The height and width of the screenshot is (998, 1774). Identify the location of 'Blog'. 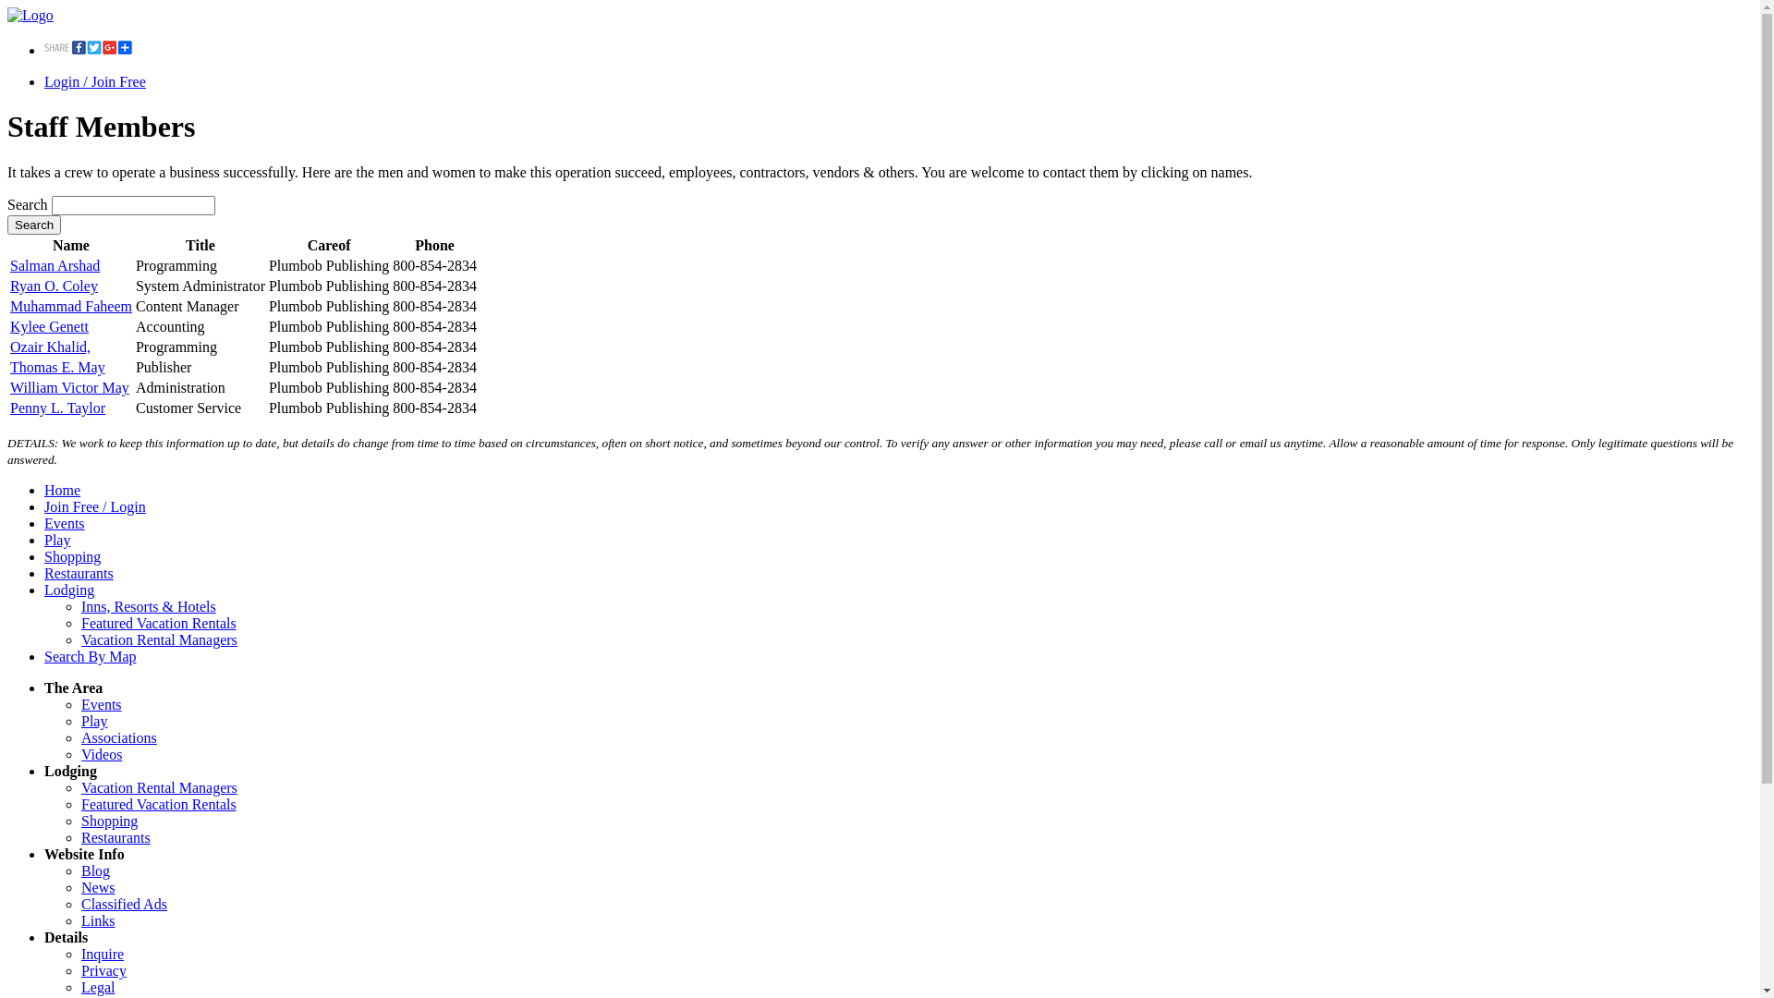
(94, 870).